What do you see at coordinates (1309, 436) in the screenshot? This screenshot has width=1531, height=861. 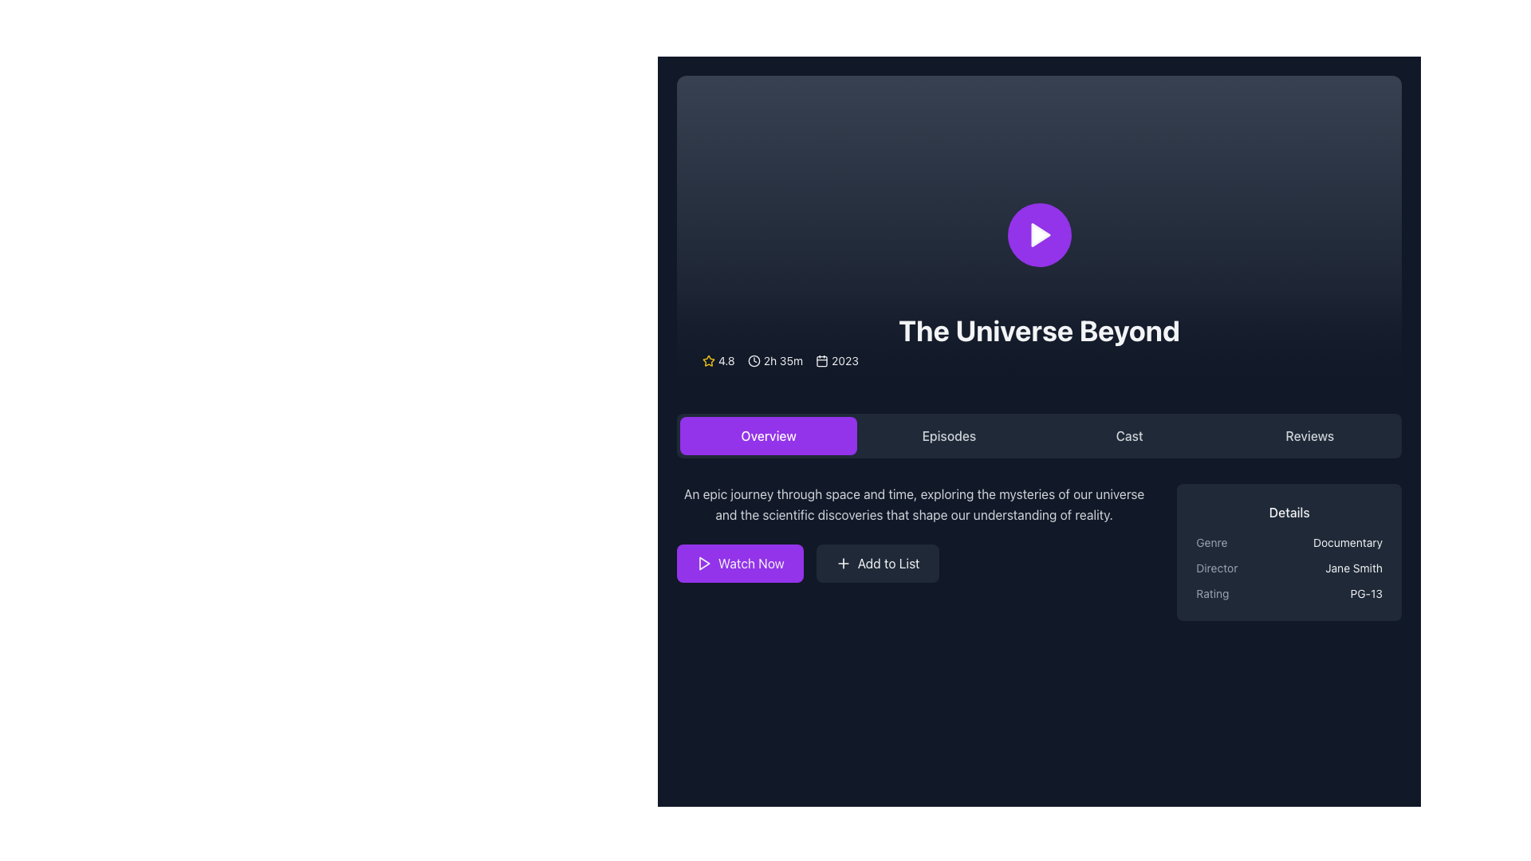 I see `the fourth button in a horizontal group of tabs, positioned at the top-right of the group, to activate the hover effect` at bounding box center [1309, 436].